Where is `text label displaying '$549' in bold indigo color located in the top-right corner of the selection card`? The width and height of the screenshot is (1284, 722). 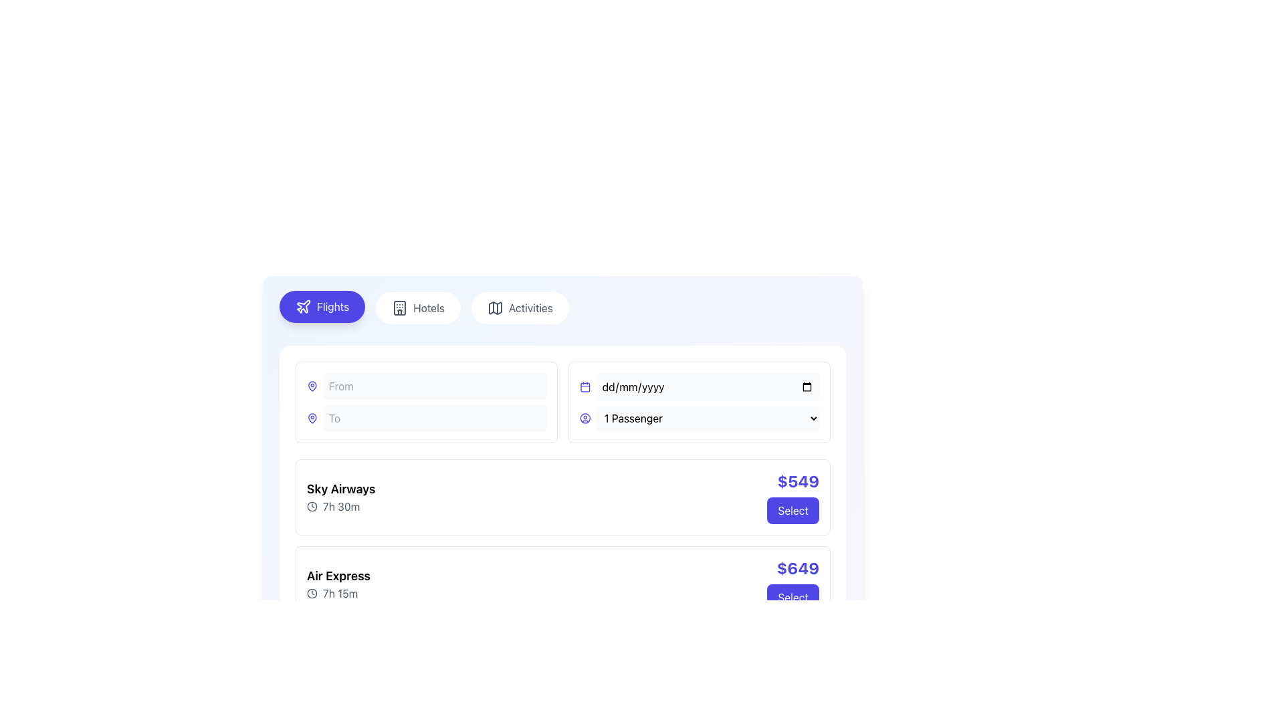
text label displaying '$549' in bold indigo color located in the top-right corner of the selection card is located at coordinates (793, 481).